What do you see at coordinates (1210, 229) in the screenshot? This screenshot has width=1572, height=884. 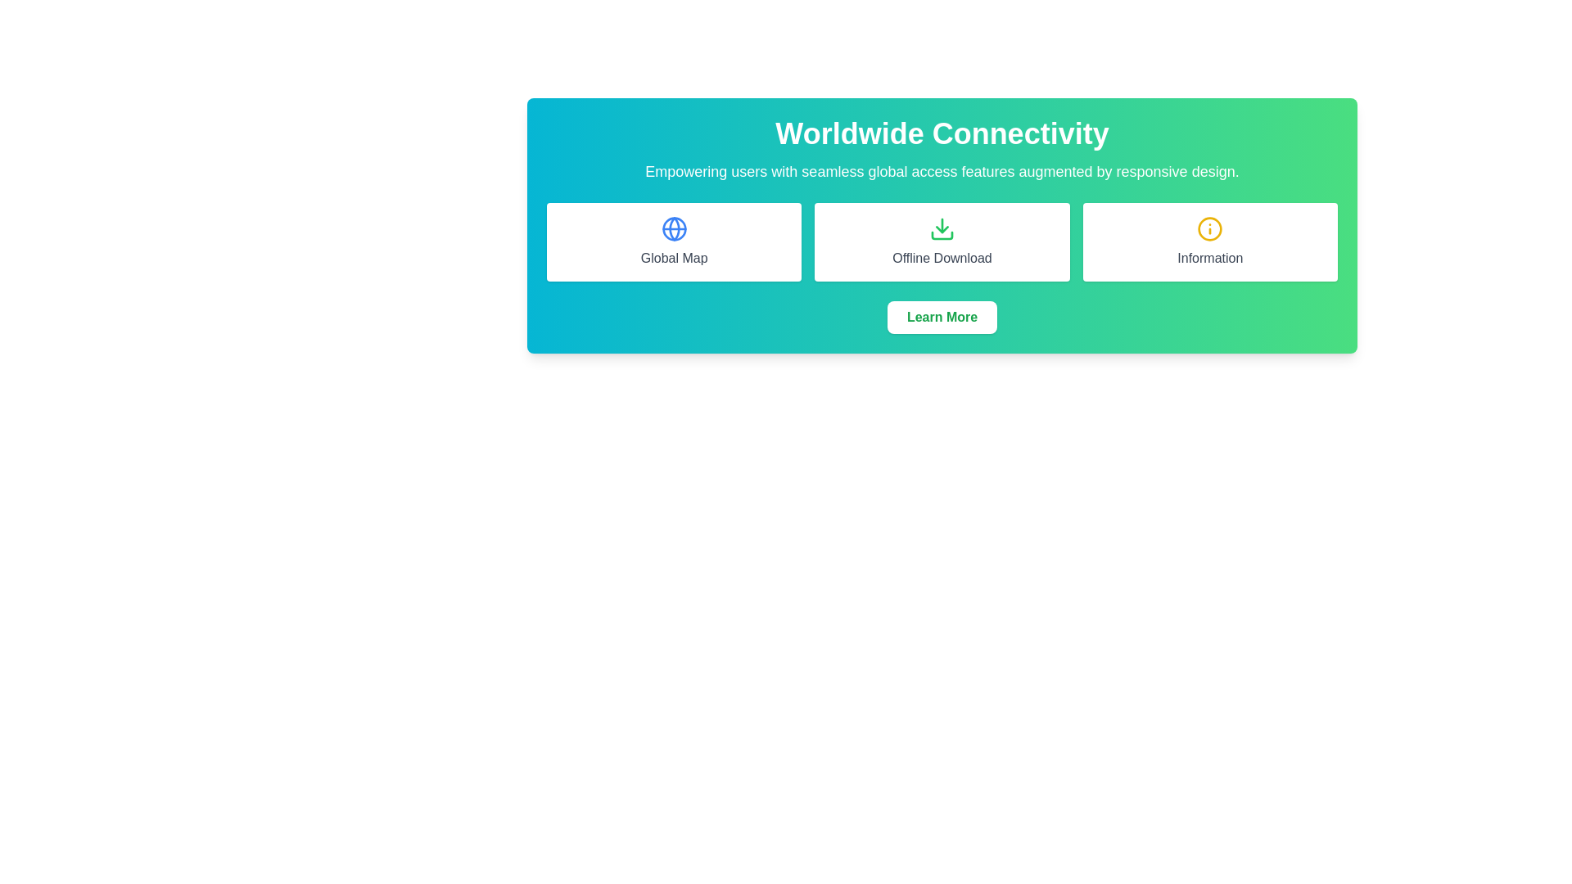 I see `the yellow circular shape within the 'Information' option box in the green-gradient block` at bounding box center [1210, 229].